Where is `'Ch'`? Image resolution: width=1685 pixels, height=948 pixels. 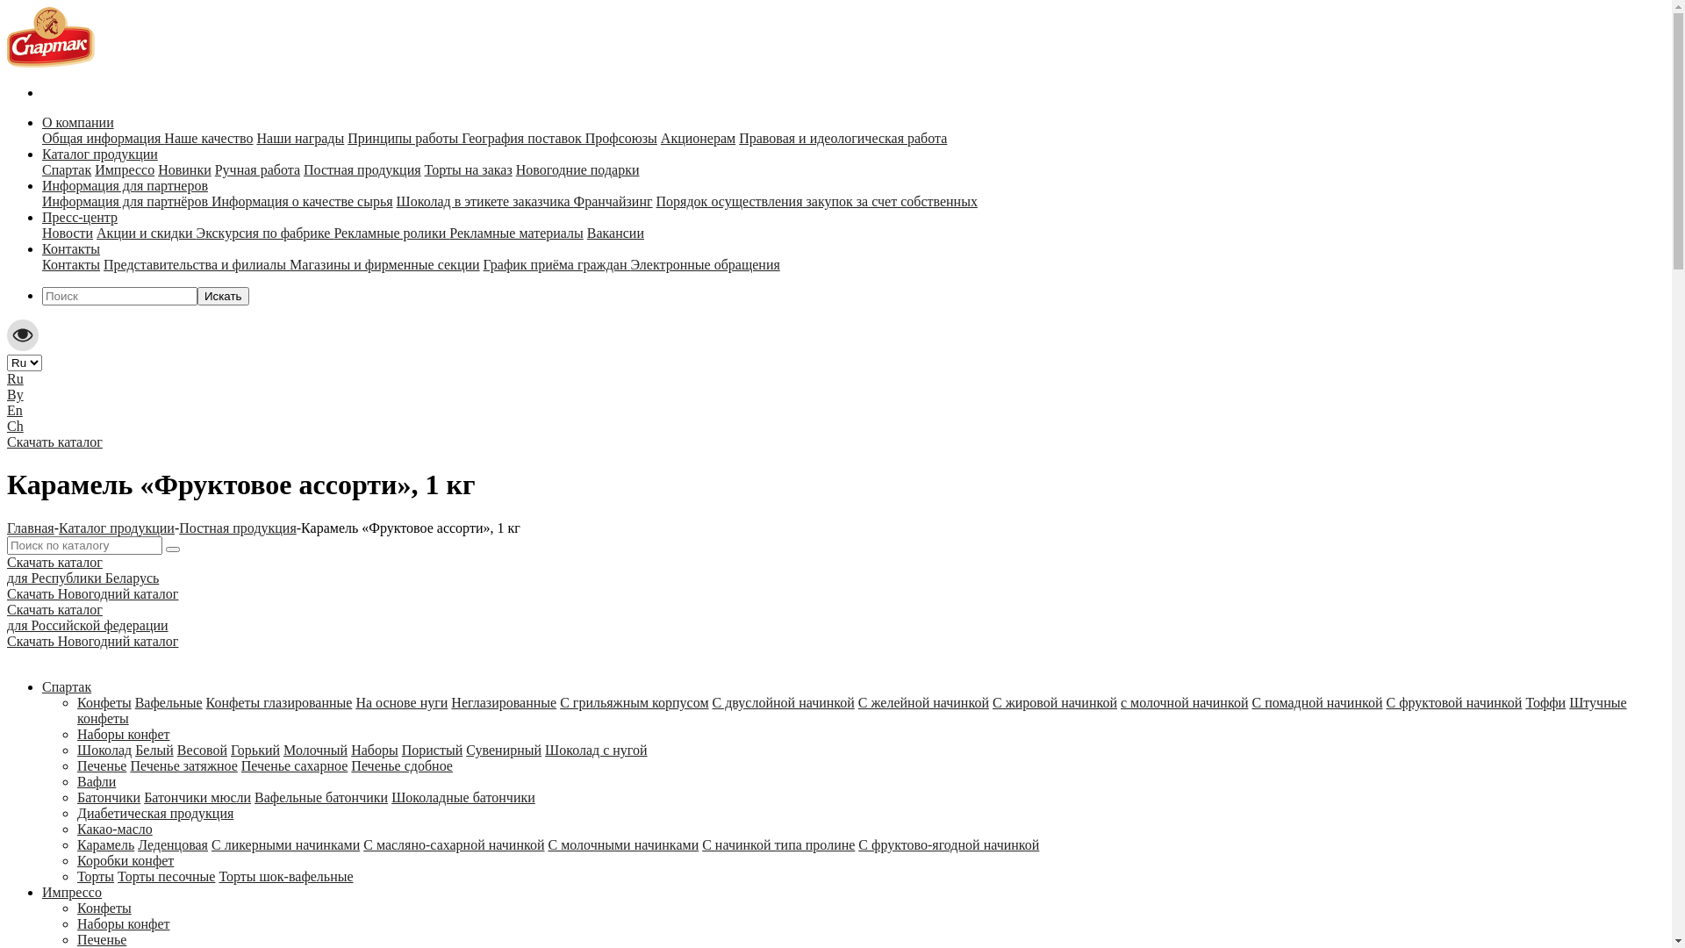 'Ch' is located at coordinates (15, 426).